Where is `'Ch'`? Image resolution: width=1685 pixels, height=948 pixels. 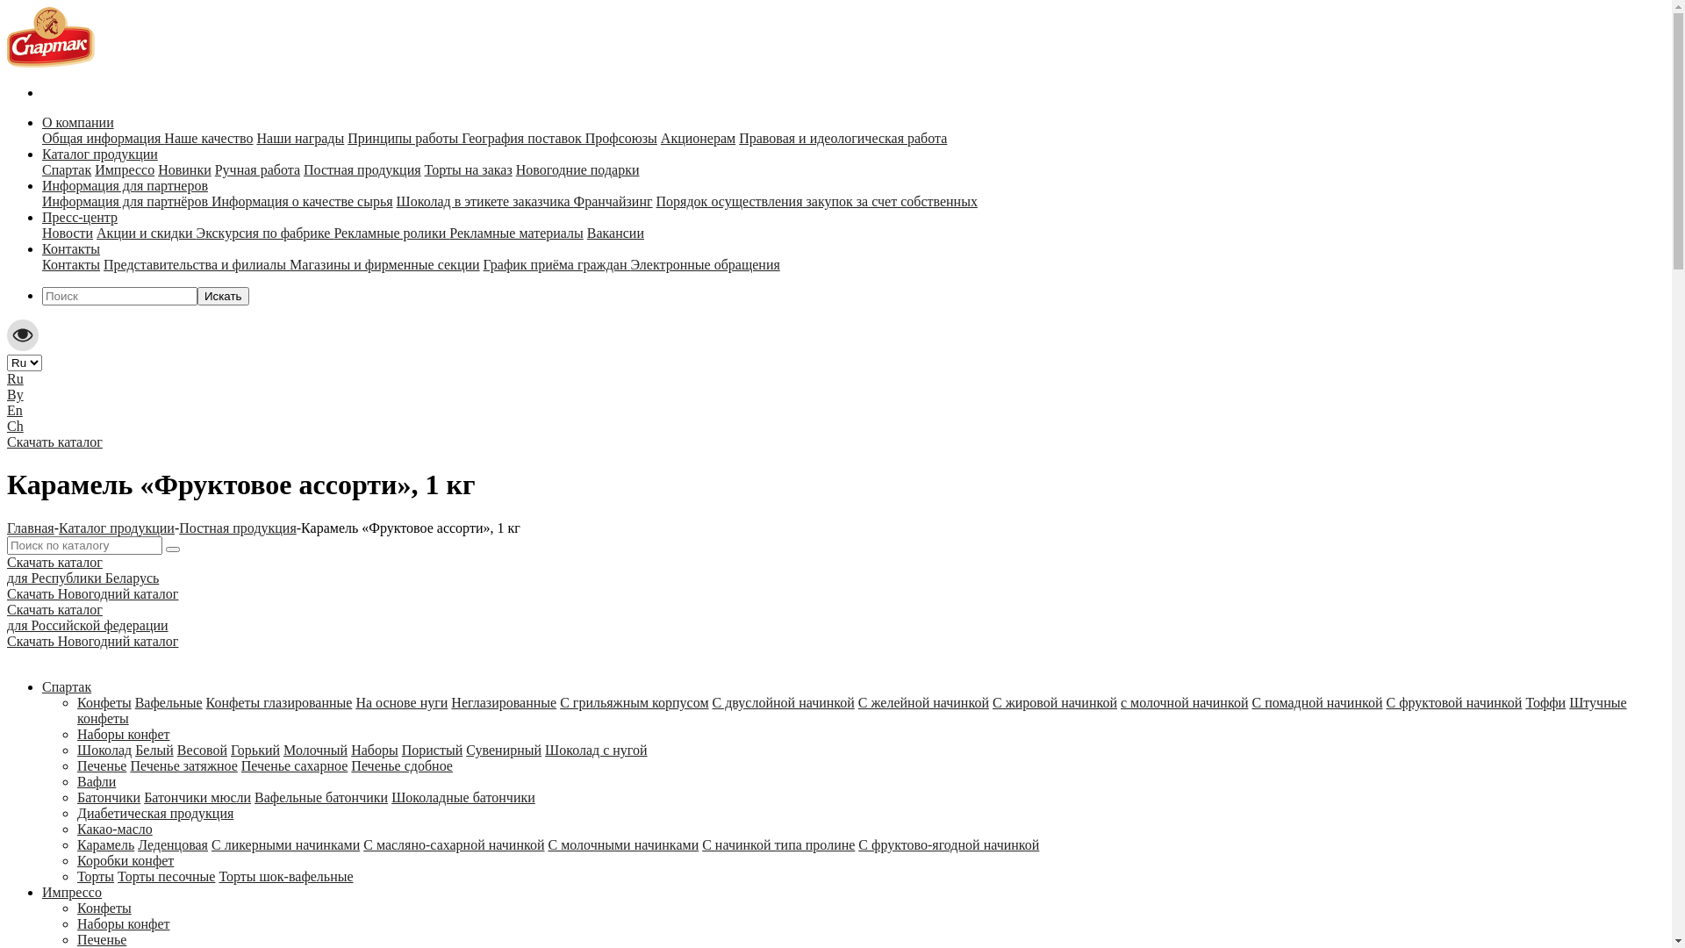 'Ch' is located at coordinates (15, 426).